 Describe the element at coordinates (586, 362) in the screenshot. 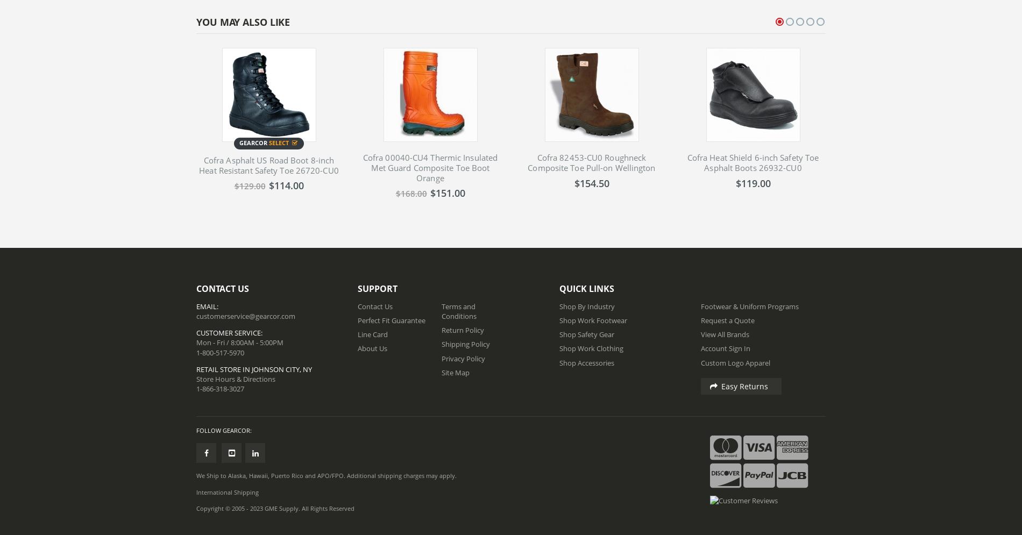

I see `'Shop Accessories'` at that location.